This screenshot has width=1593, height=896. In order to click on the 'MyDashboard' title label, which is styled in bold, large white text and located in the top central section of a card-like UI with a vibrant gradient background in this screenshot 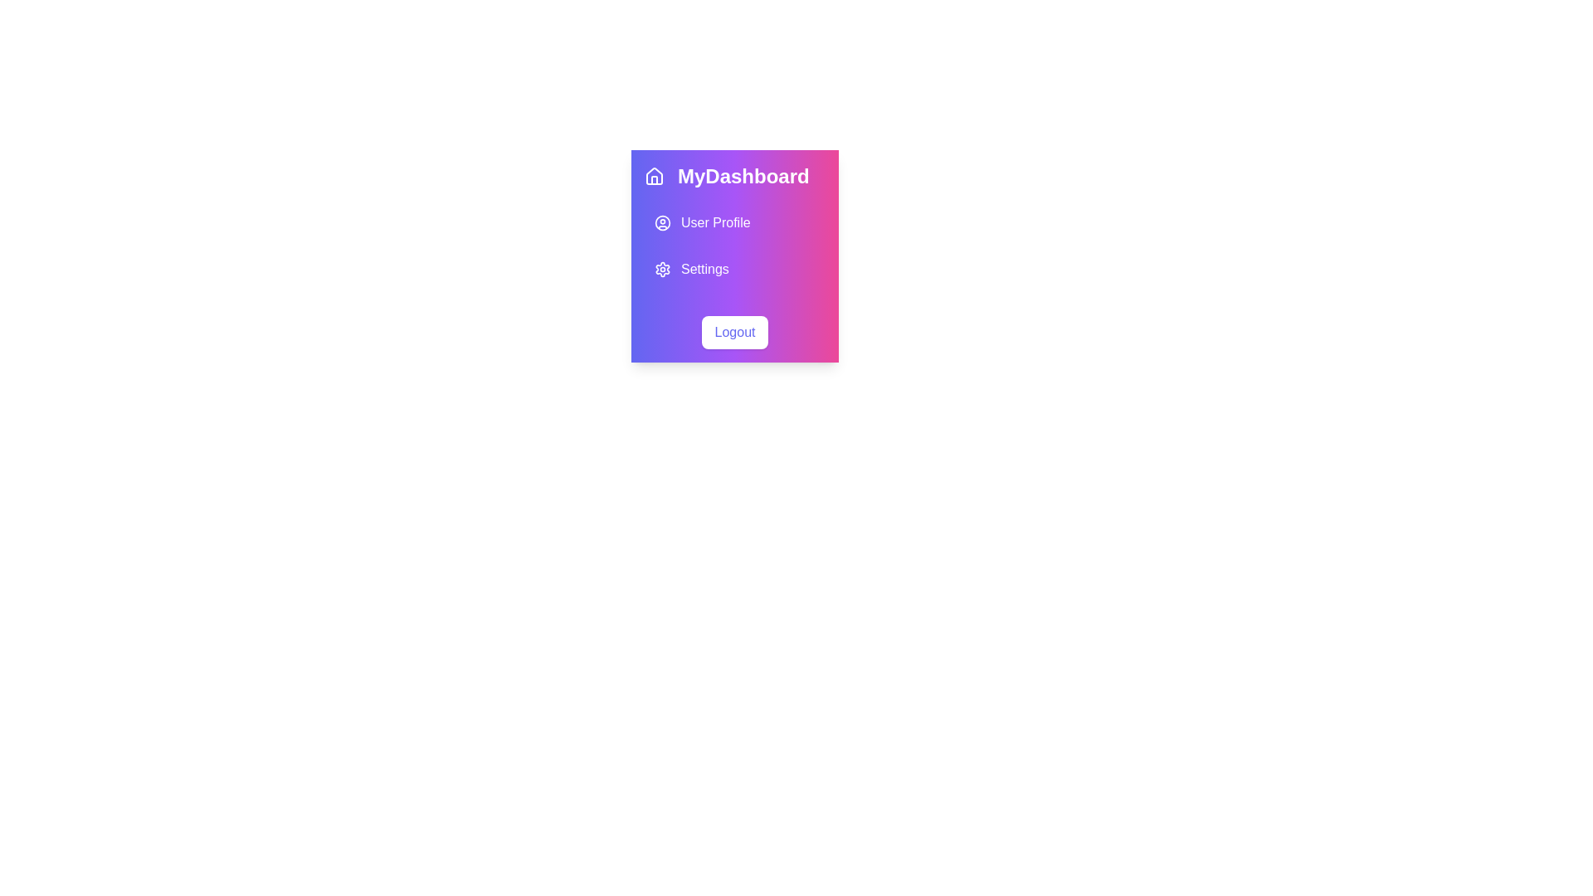, I will do `click(743, 176)`.